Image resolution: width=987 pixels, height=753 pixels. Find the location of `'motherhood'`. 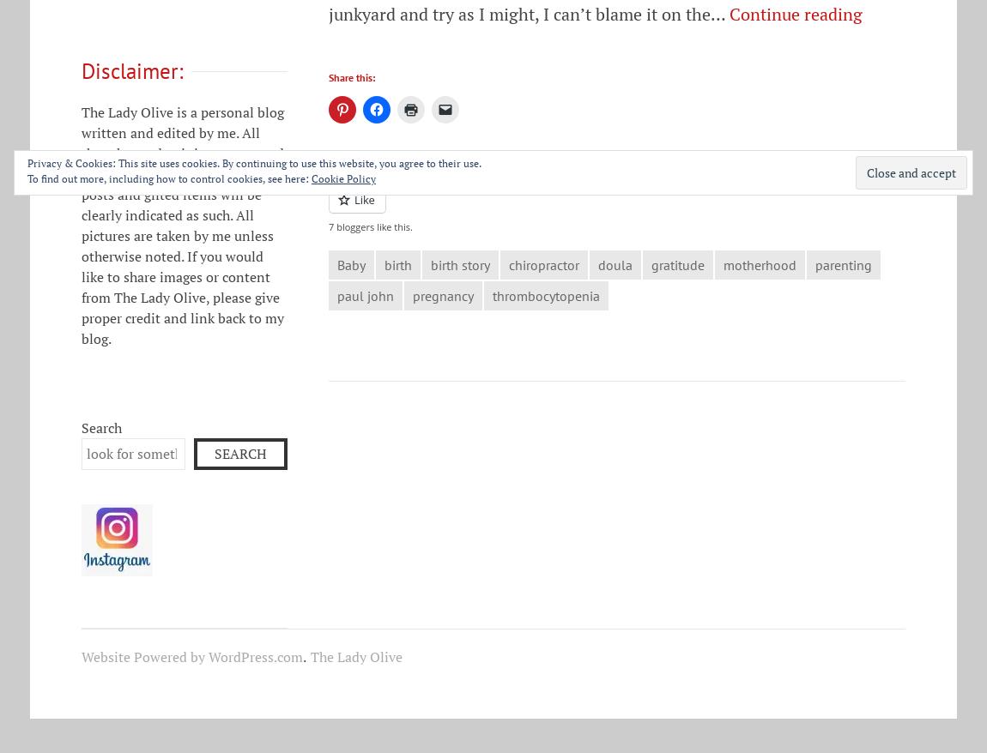

'motherhood' is located at coordinates (760, 264).